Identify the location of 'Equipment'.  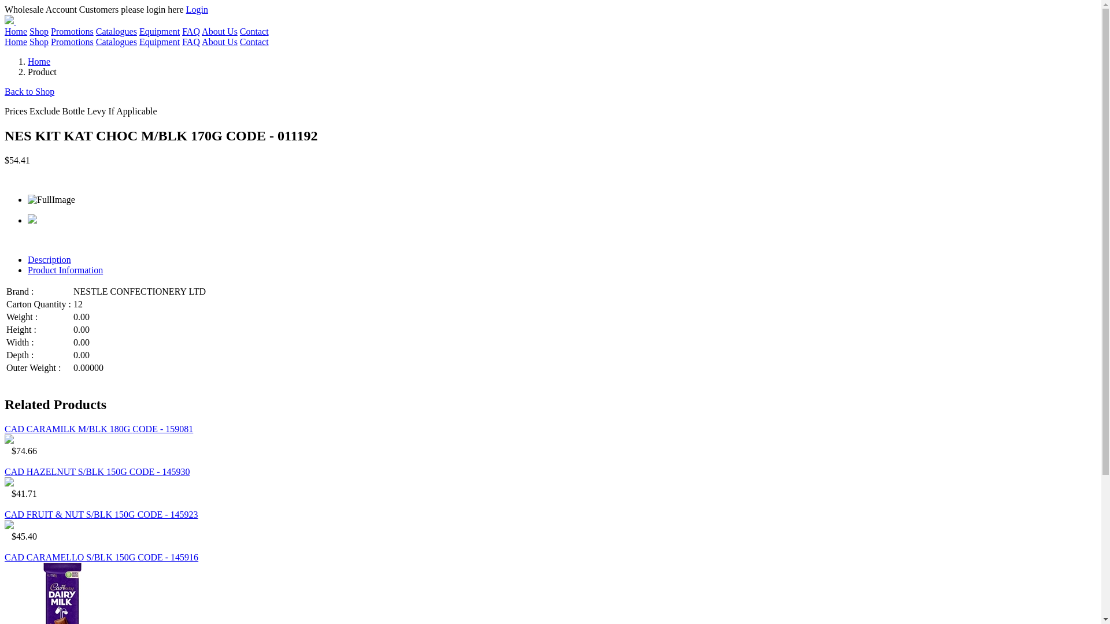
(158, 41).